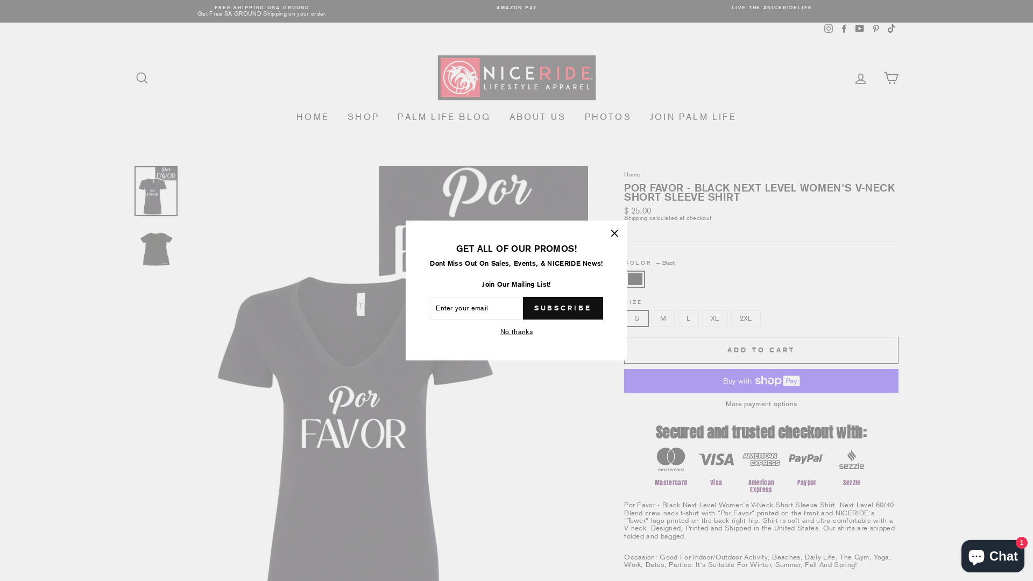 This screenshot has height=581, width=1033. Describe the element at coordinates (614, 233) in the screenshot. I see `'"Close (esc)"'` at that location.